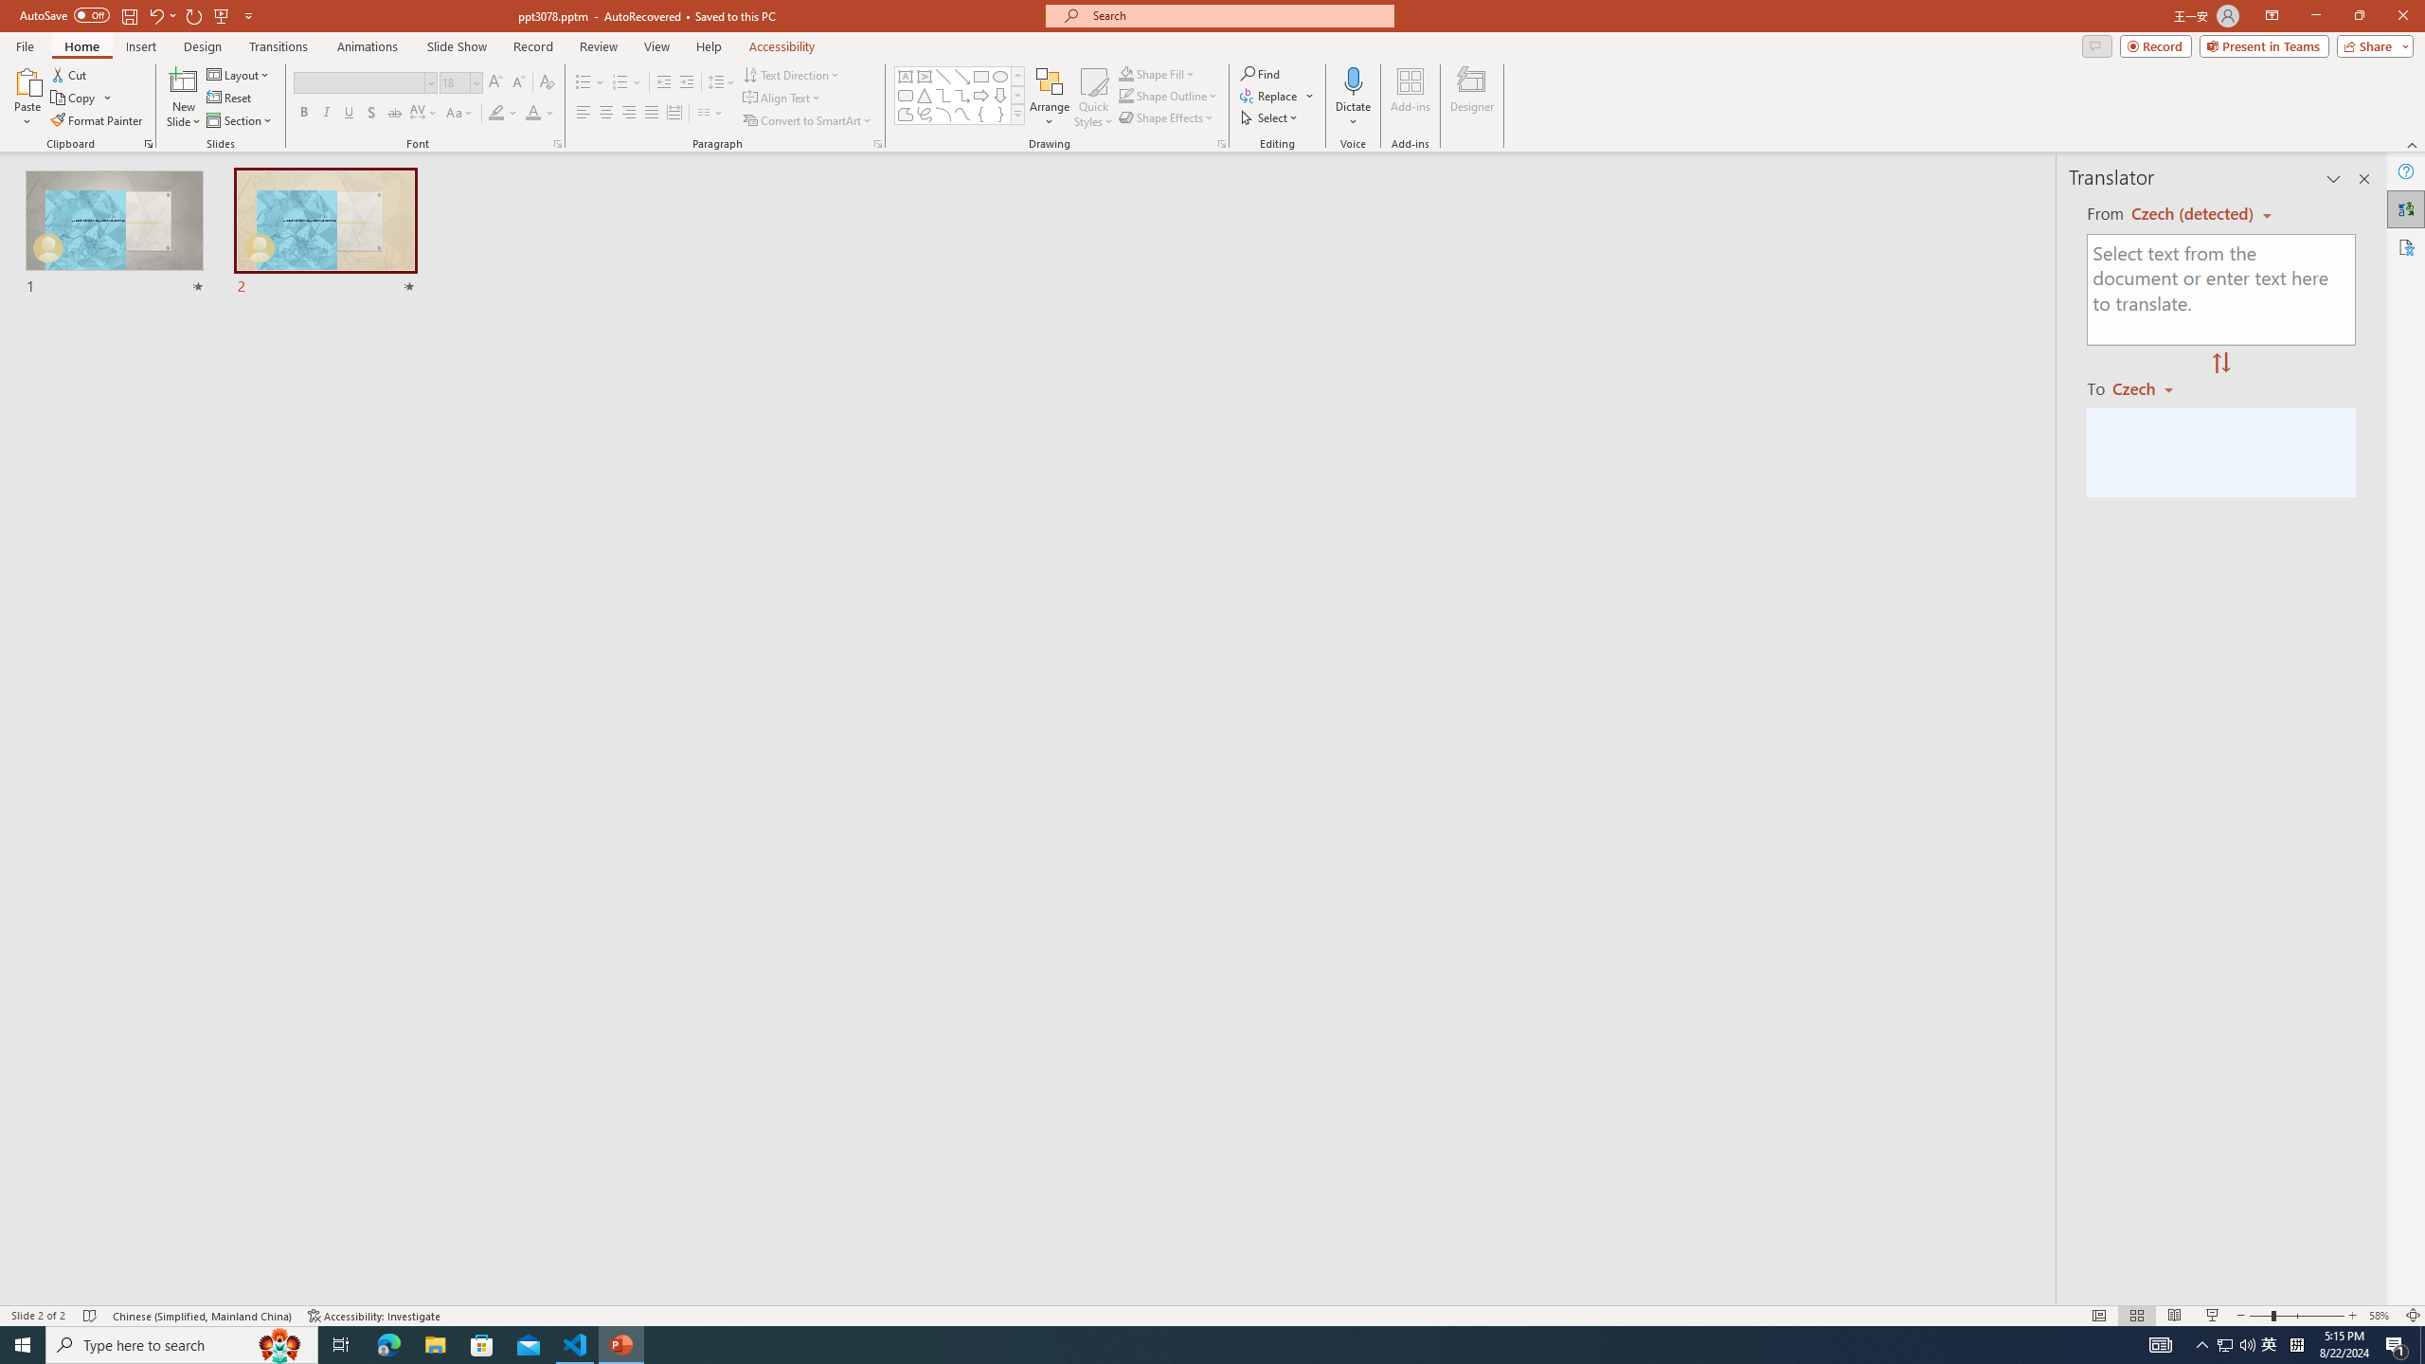 The image size is (2425, 1364). I want to click on 'Section', so click(240, 120).